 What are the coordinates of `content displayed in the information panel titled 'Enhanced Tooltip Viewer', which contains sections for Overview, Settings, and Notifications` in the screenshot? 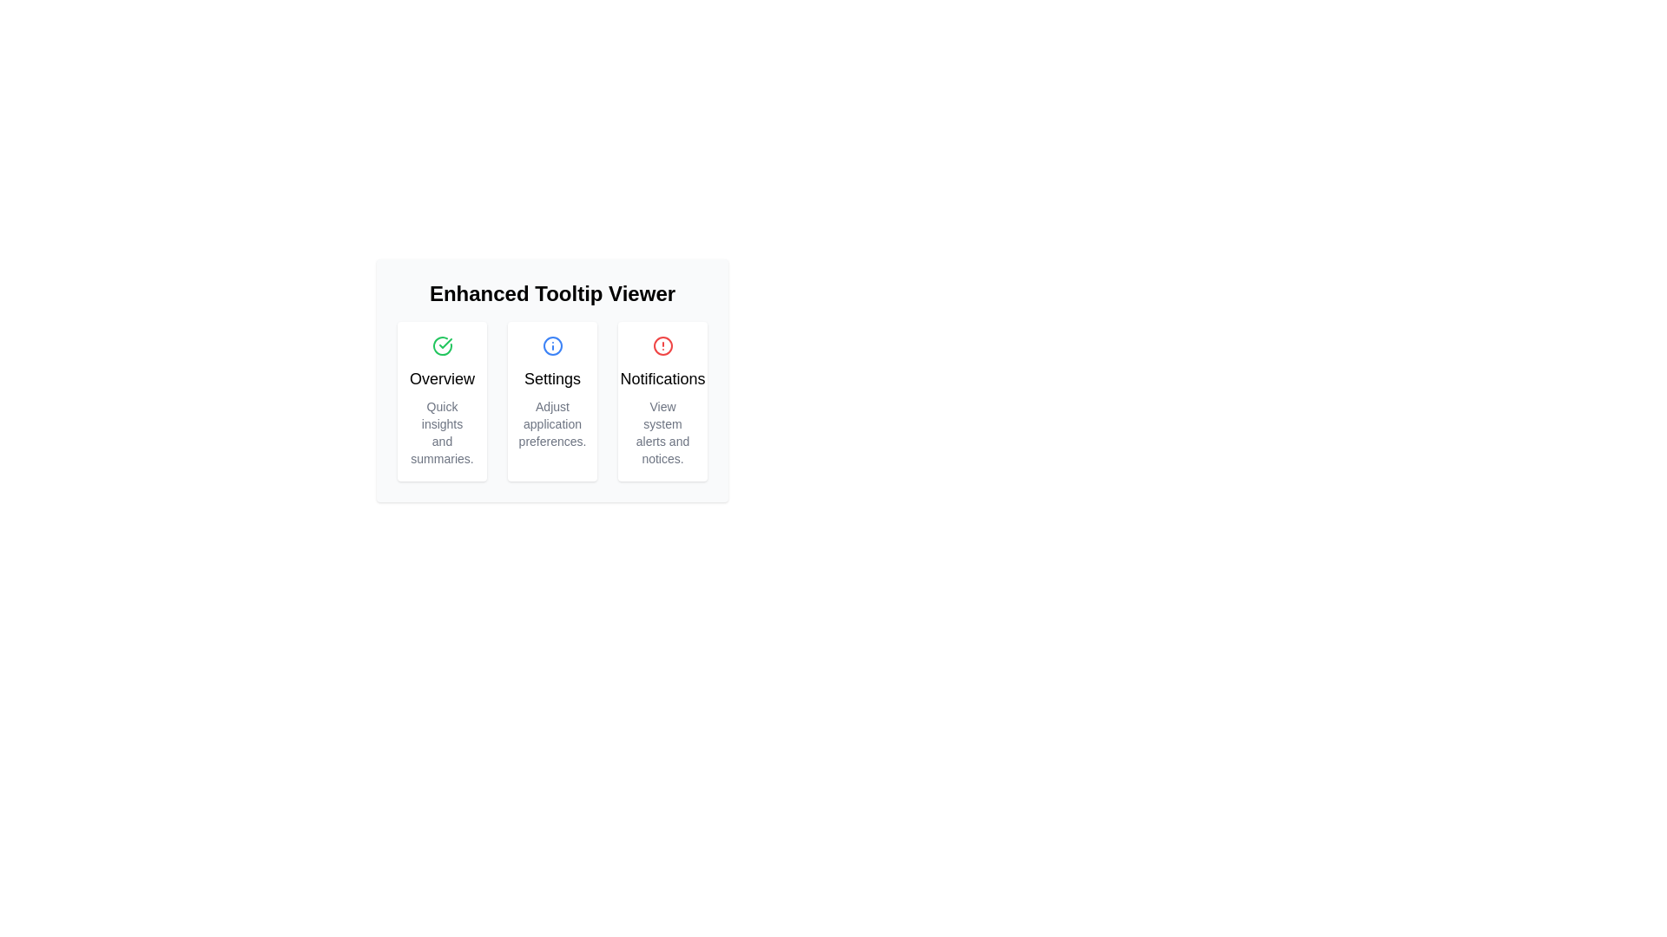 It's located at (551, 382).